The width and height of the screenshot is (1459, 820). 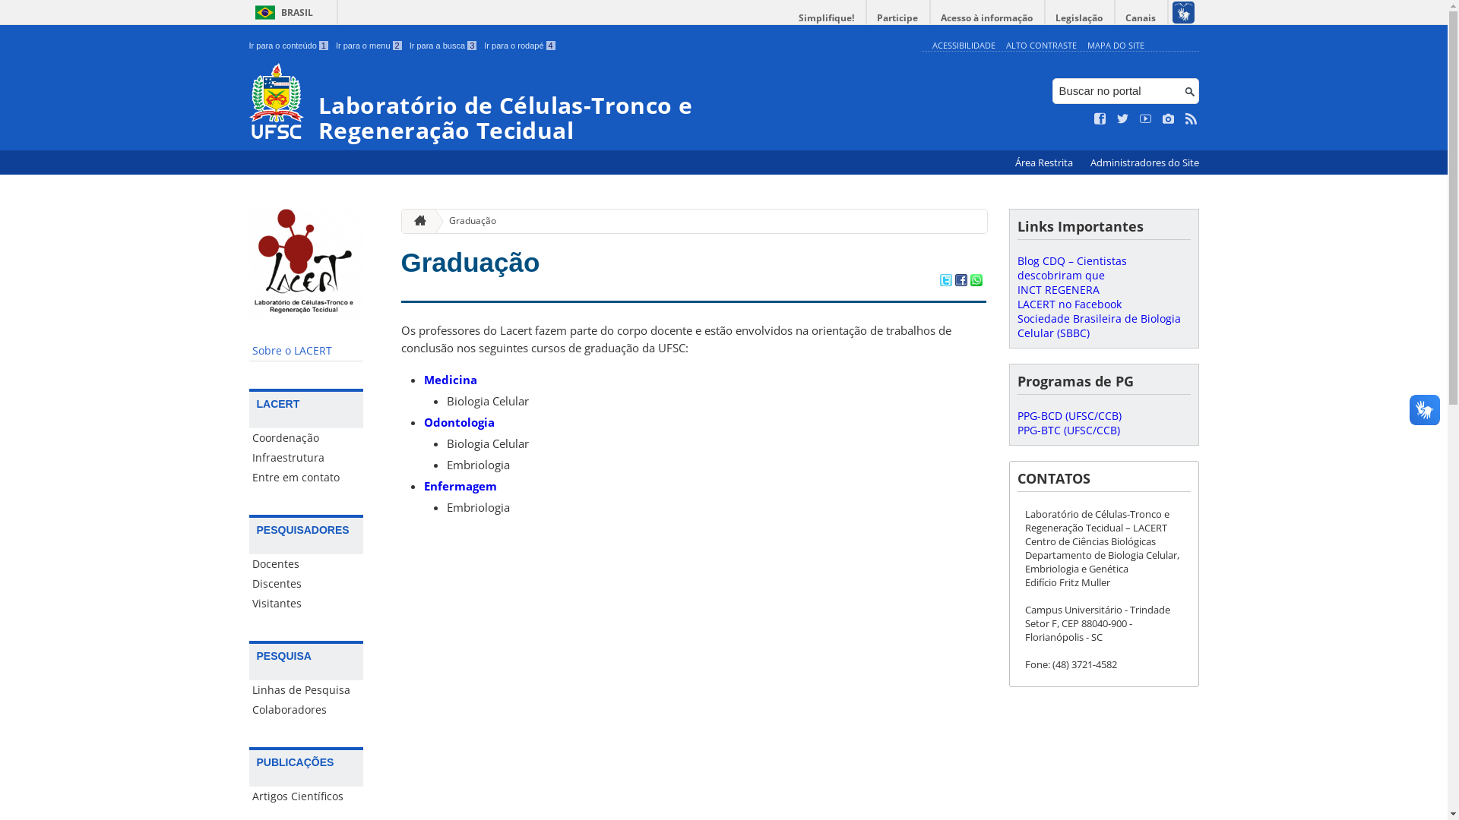 What do you see at coordinates (442, 45) in the screenshot?
I see `'Ir para a busca 3'` at bounding box center [442, 45].